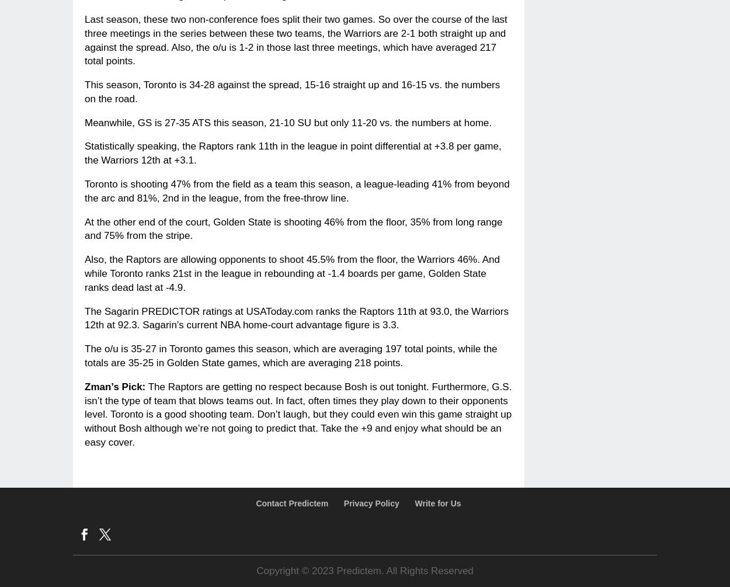  What do you see at coordinates (437, 502) in the screenshot?
I see `'Write for Us'` at bounding box center [437, 502].